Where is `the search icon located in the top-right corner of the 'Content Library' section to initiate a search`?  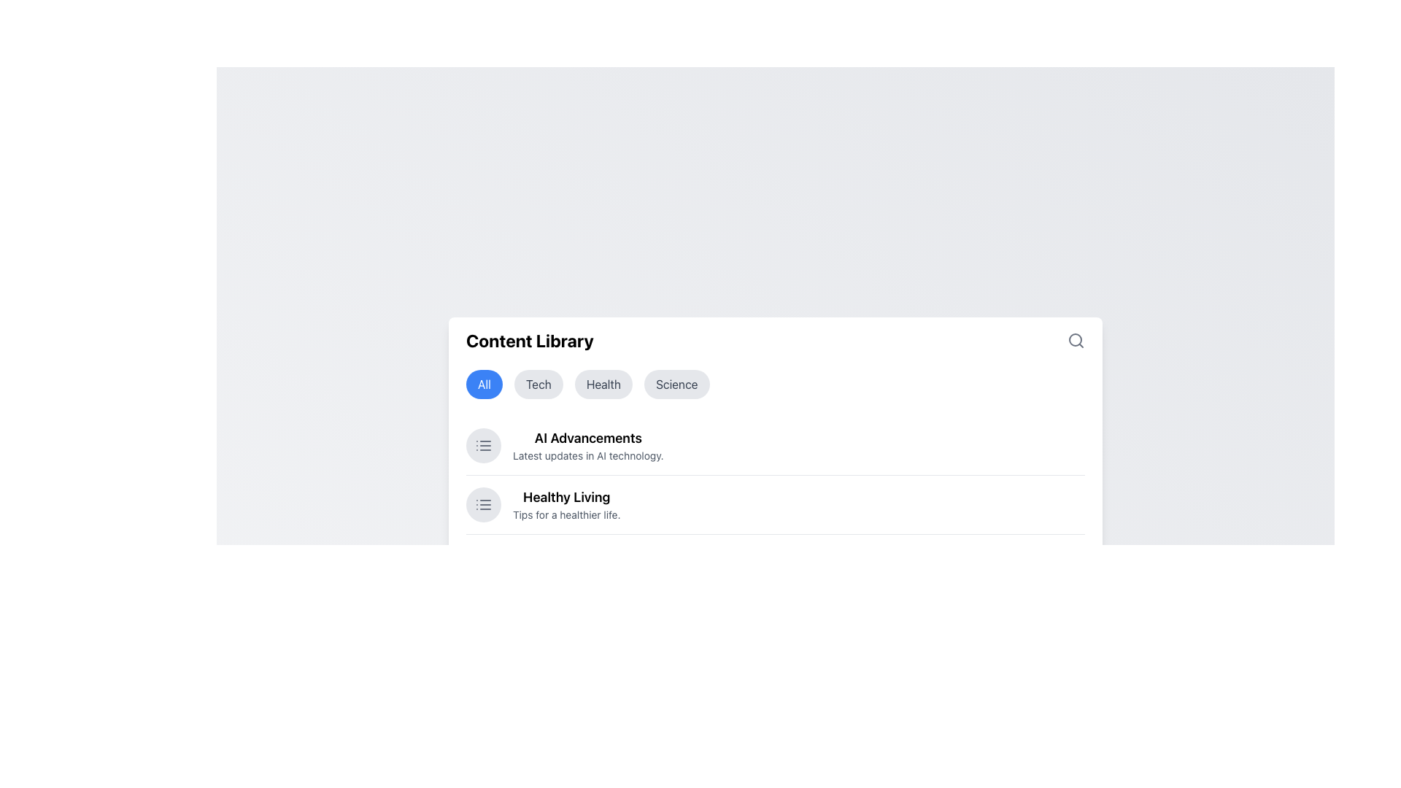 the search icon located in the top-right corner of the 'Content Library' section to initiate a search is located at coordinates (1076, 340).